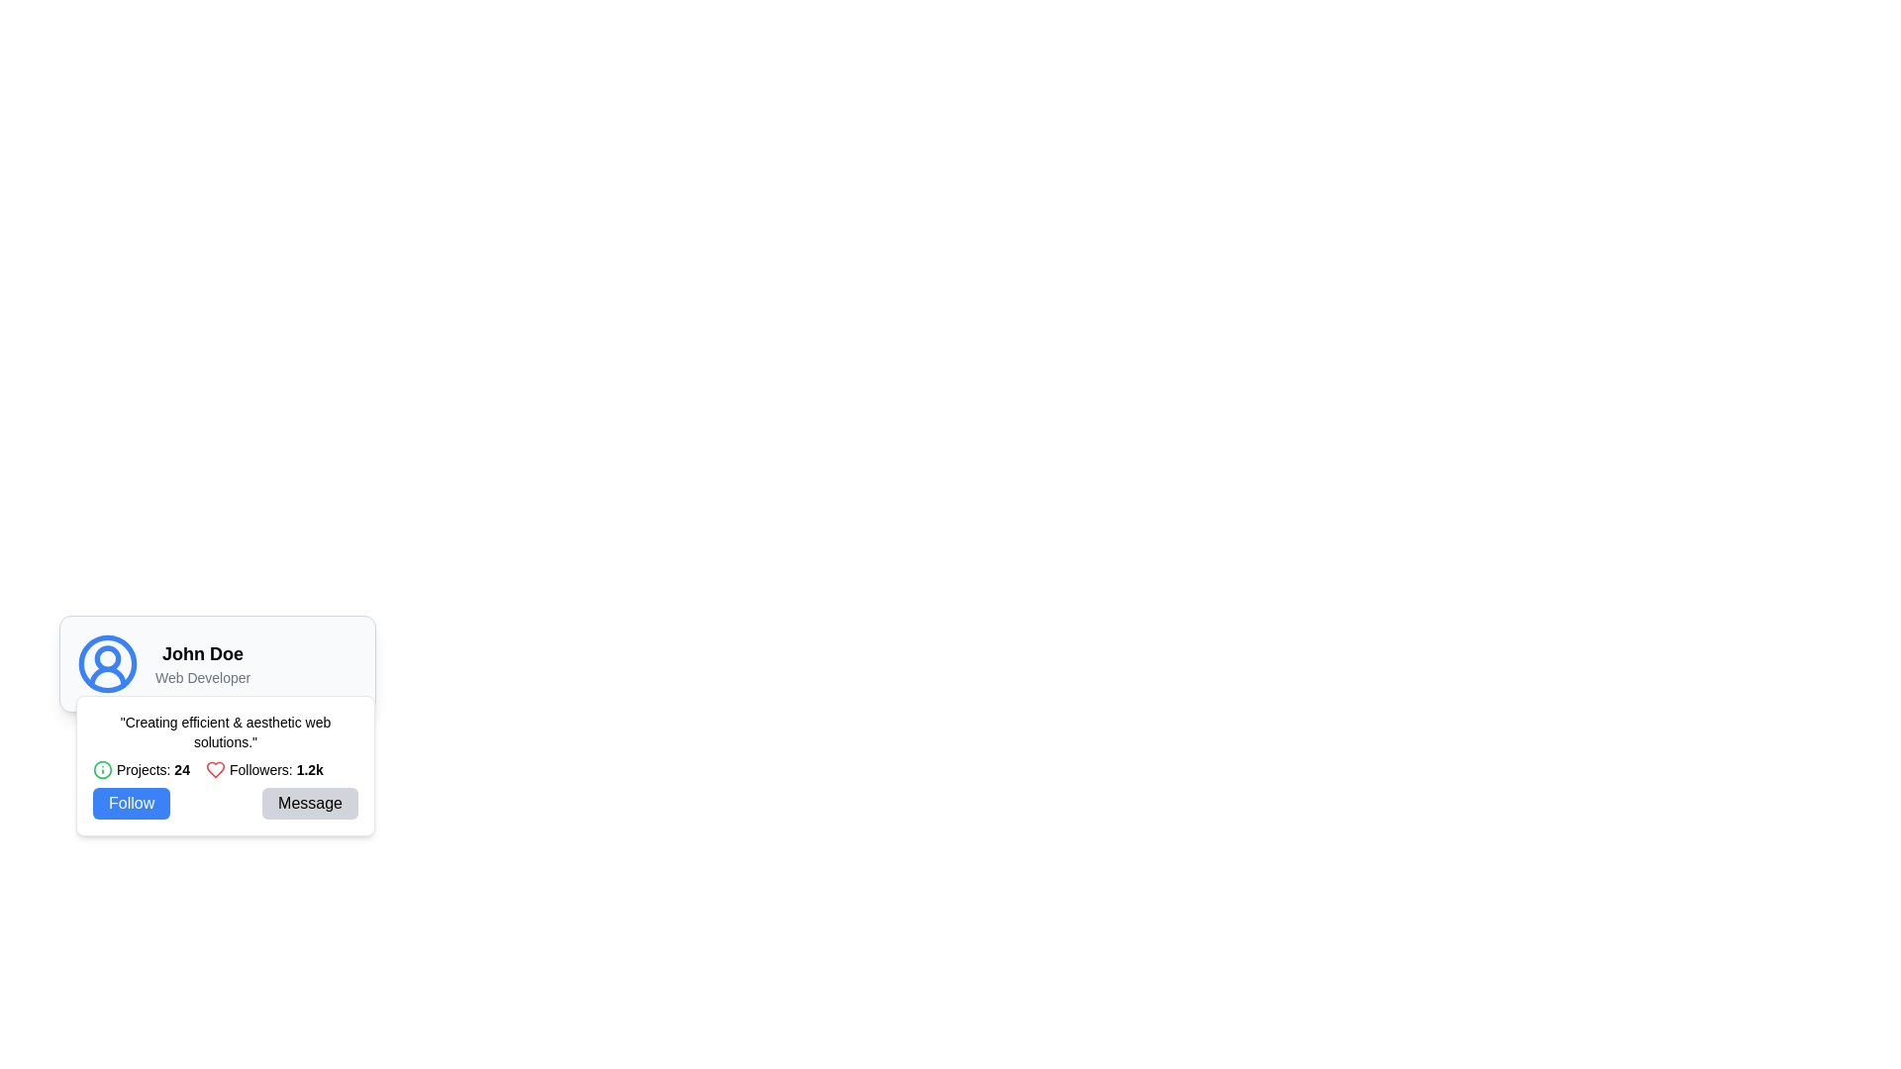 The width and height of the screenshot is (1901, 1069). I want to click on text content of the Statistical label that indicates the number of projects associated with the user profile, located in the lower left section of the user information card, next to an icon and above the 'Followers' label, so click(151, 769).